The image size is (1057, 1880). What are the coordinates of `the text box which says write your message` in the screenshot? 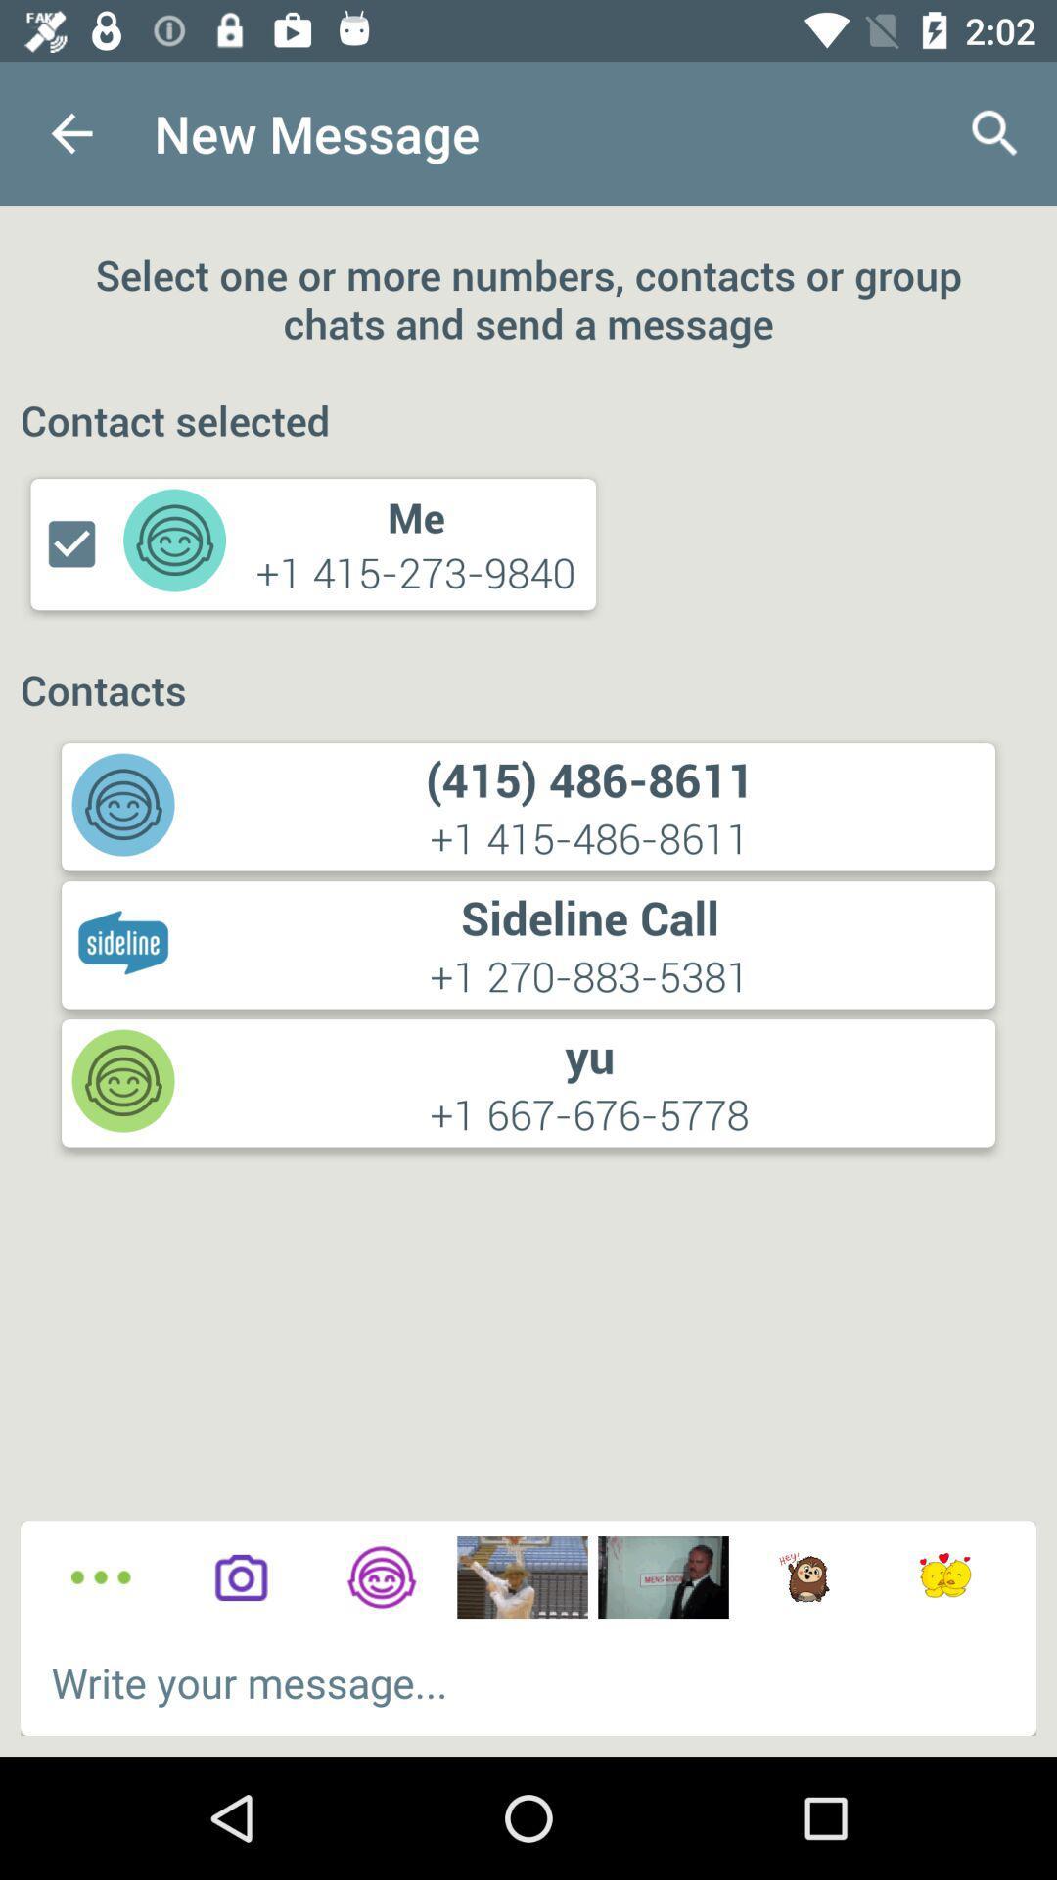 It's located at (528, 1681).